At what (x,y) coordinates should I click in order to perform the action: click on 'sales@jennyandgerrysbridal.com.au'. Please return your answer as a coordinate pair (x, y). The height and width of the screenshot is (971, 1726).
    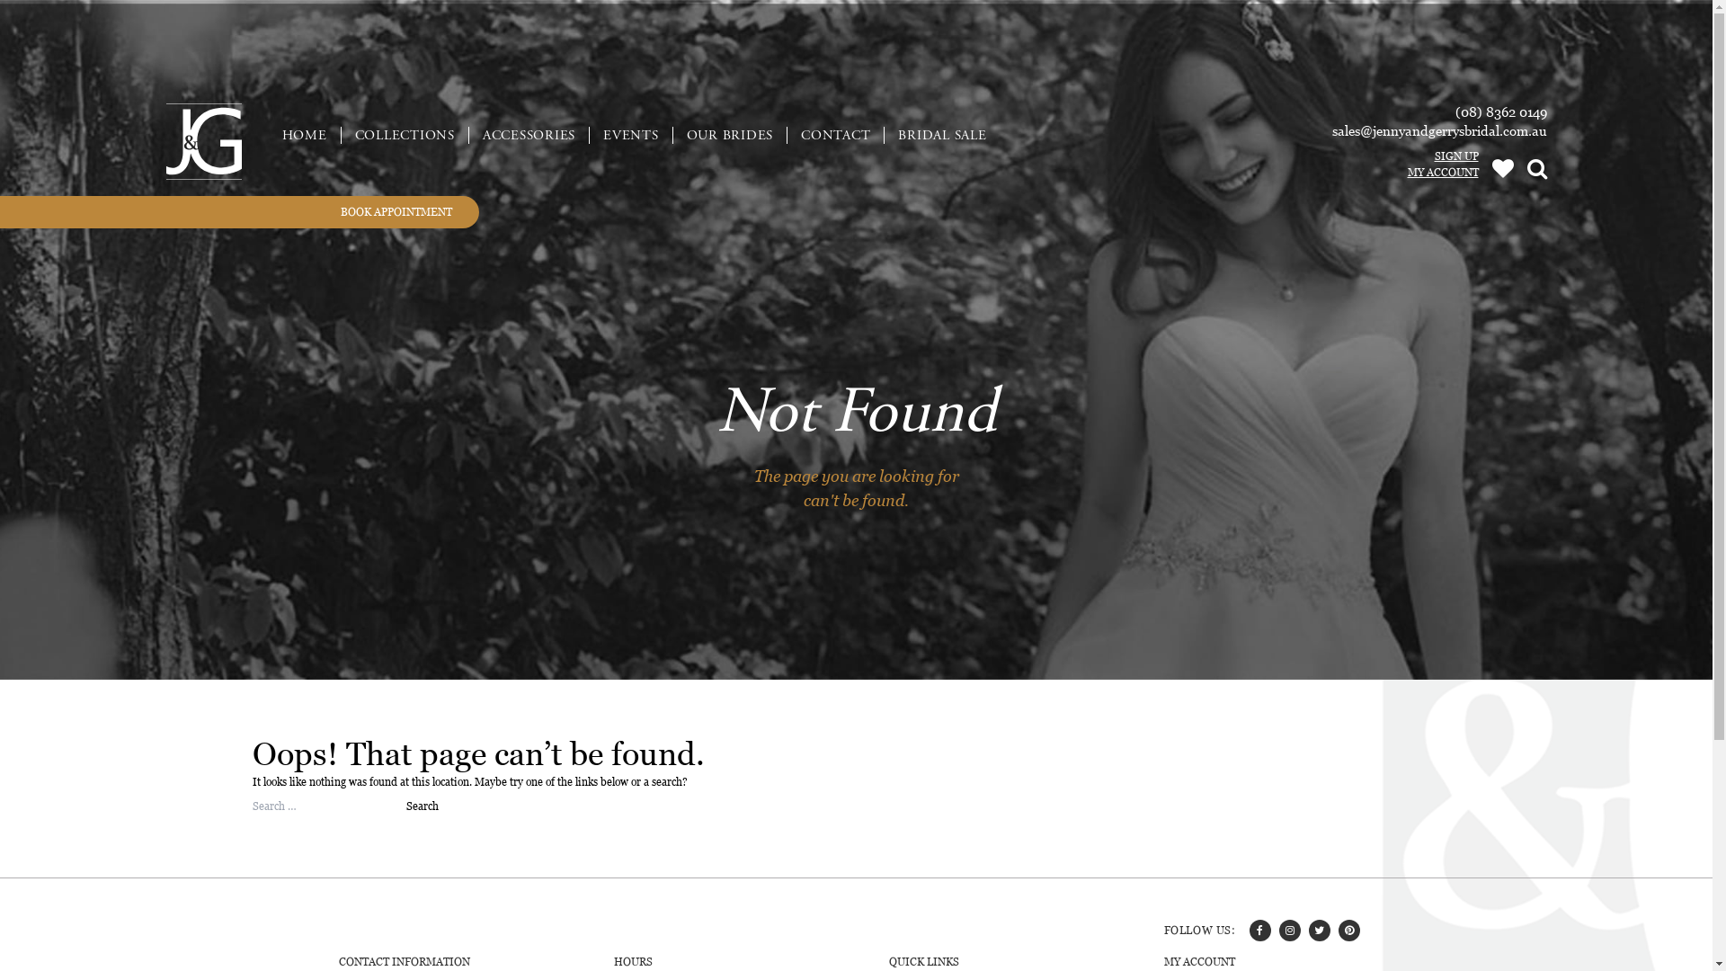
    Looking at the image, I should click on (1439, 129).